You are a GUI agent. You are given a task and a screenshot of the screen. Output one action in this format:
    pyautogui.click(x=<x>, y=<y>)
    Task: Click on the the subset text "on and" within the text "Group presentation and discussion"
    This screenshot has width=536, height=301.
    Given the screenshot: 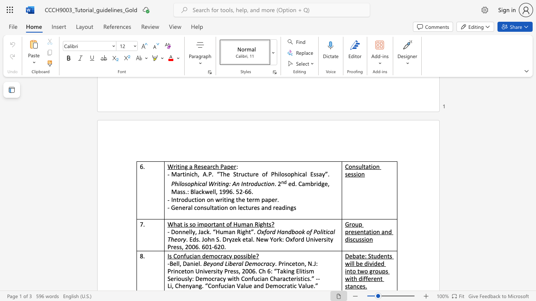 What is the action you would take?
    pyautogui.click(x=372, y=232)
    